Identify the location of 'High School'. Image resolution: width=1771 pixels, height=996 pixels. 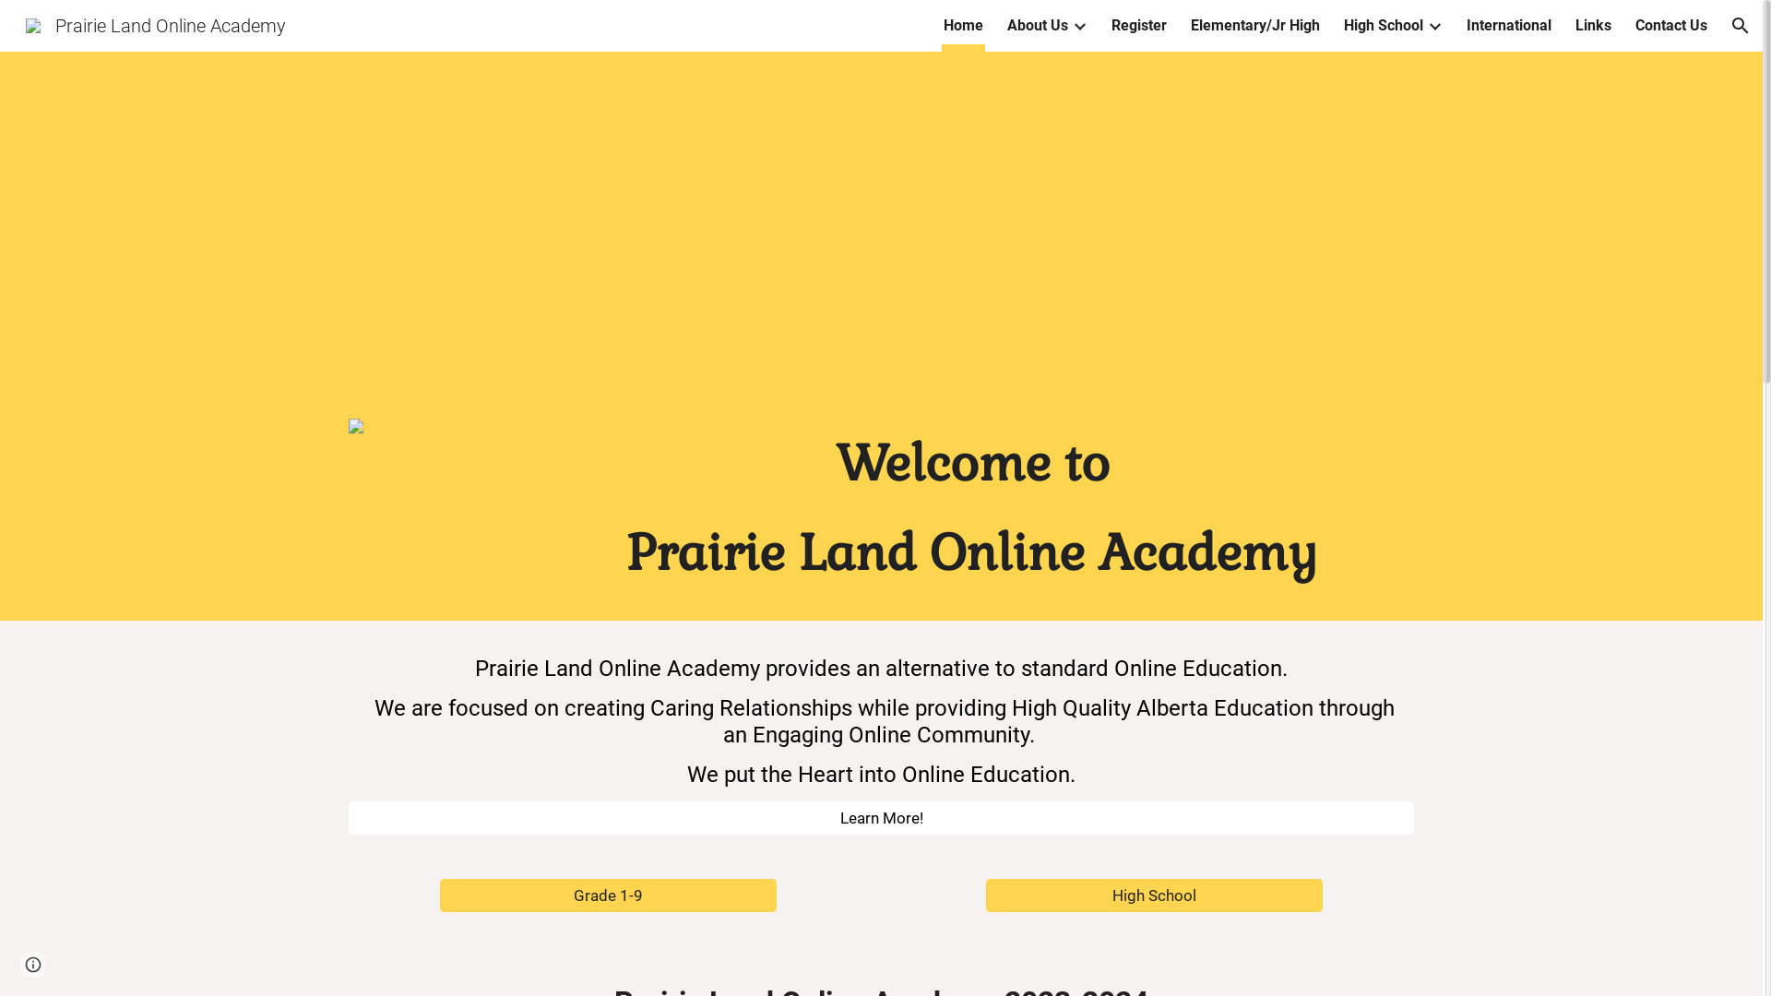
(1383, 25).